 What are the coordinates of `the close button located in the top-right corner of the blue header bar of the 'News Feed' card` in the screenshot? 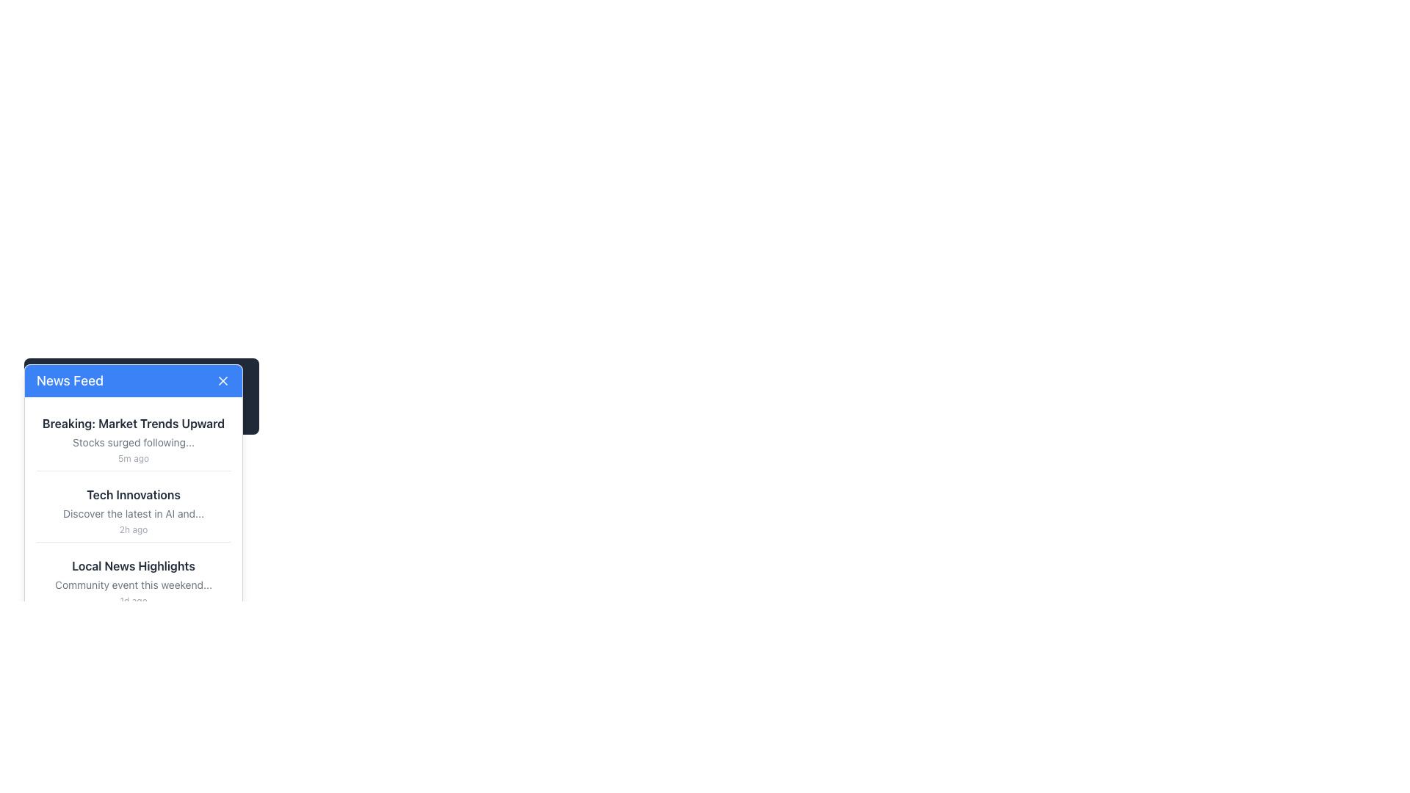 It's located at (222, 380).